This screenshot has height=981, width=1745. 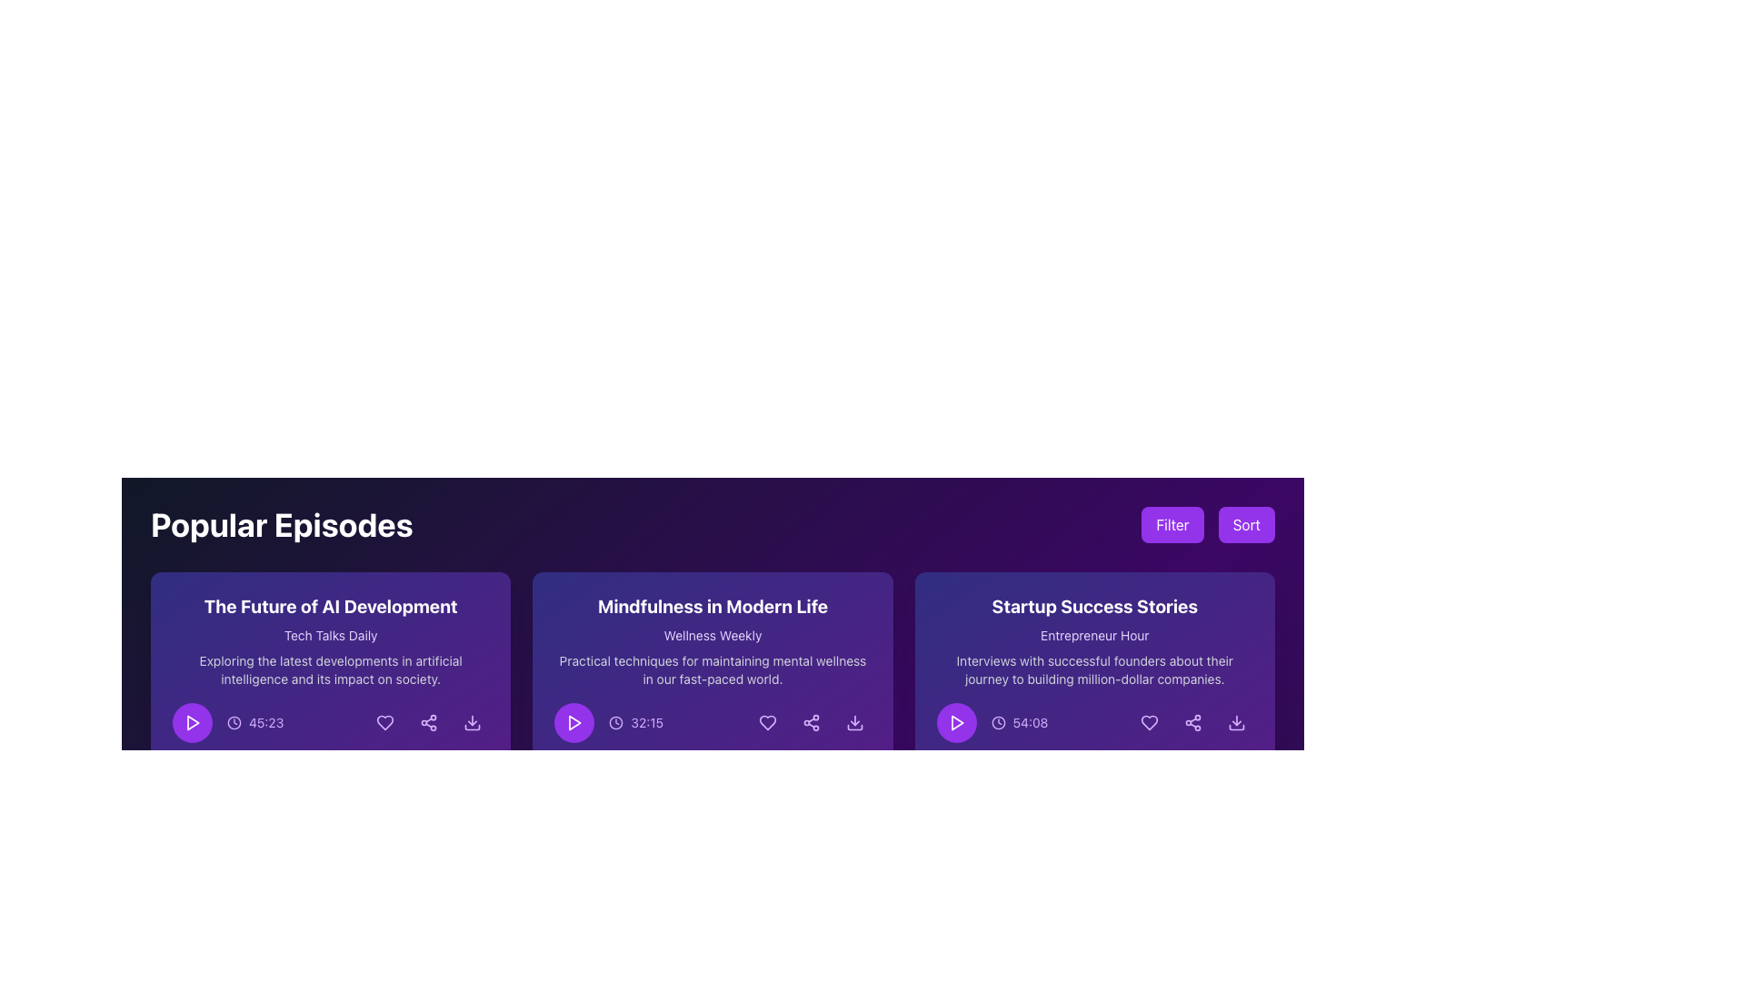 I want to click on the time indicator icon located in the third card titled 'Startup Success Stories', which visually represents the duration of the associated media content, so click(x=997, y=721).